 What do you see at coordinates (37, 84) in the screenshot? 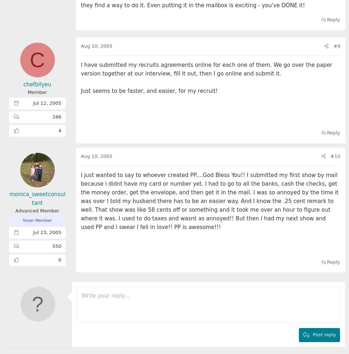
I see `'chefbilyeu'` at bounding box center [37, 84].